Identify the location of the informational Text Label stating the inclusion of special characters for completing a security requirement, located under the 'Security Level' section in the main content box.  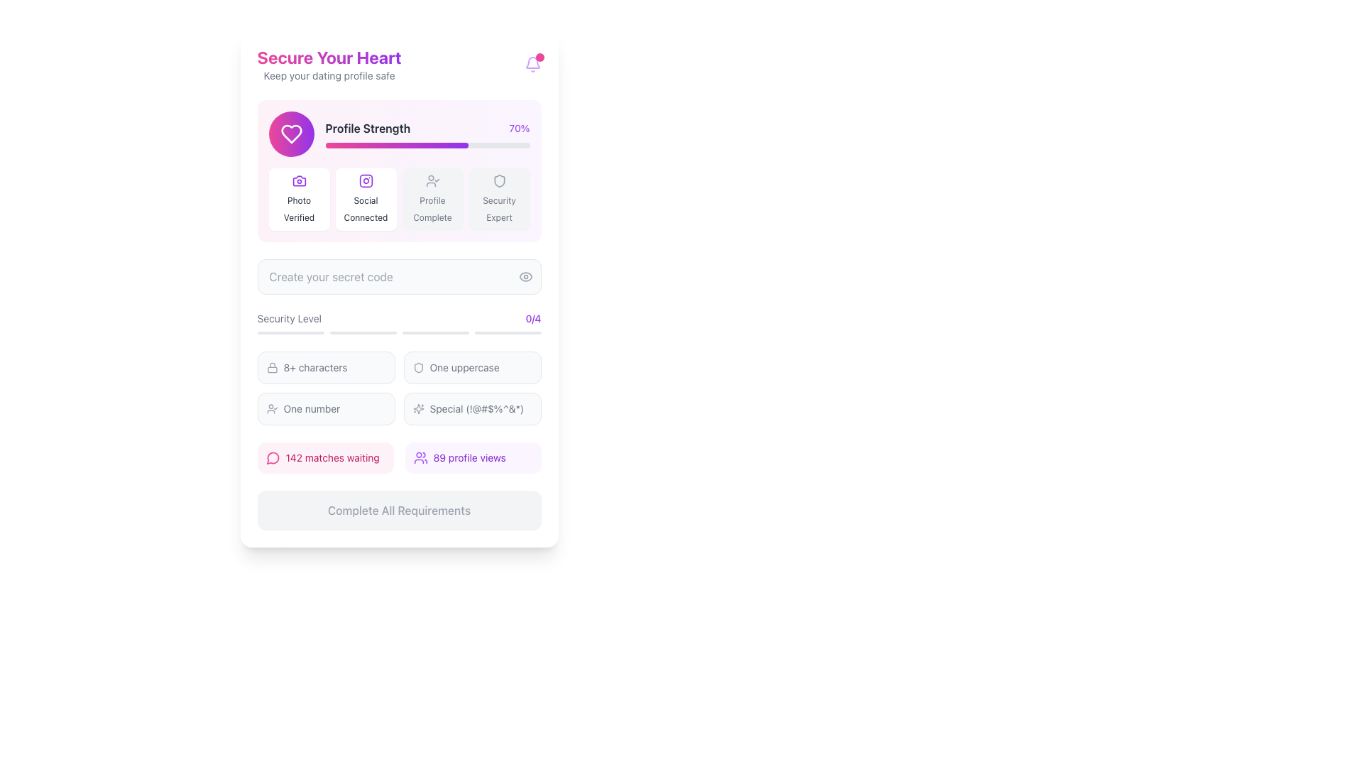
(476, 408).